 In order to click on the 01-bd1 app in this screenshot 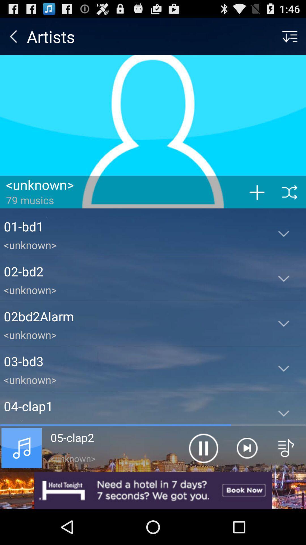, I will do `click(132, 226)`.